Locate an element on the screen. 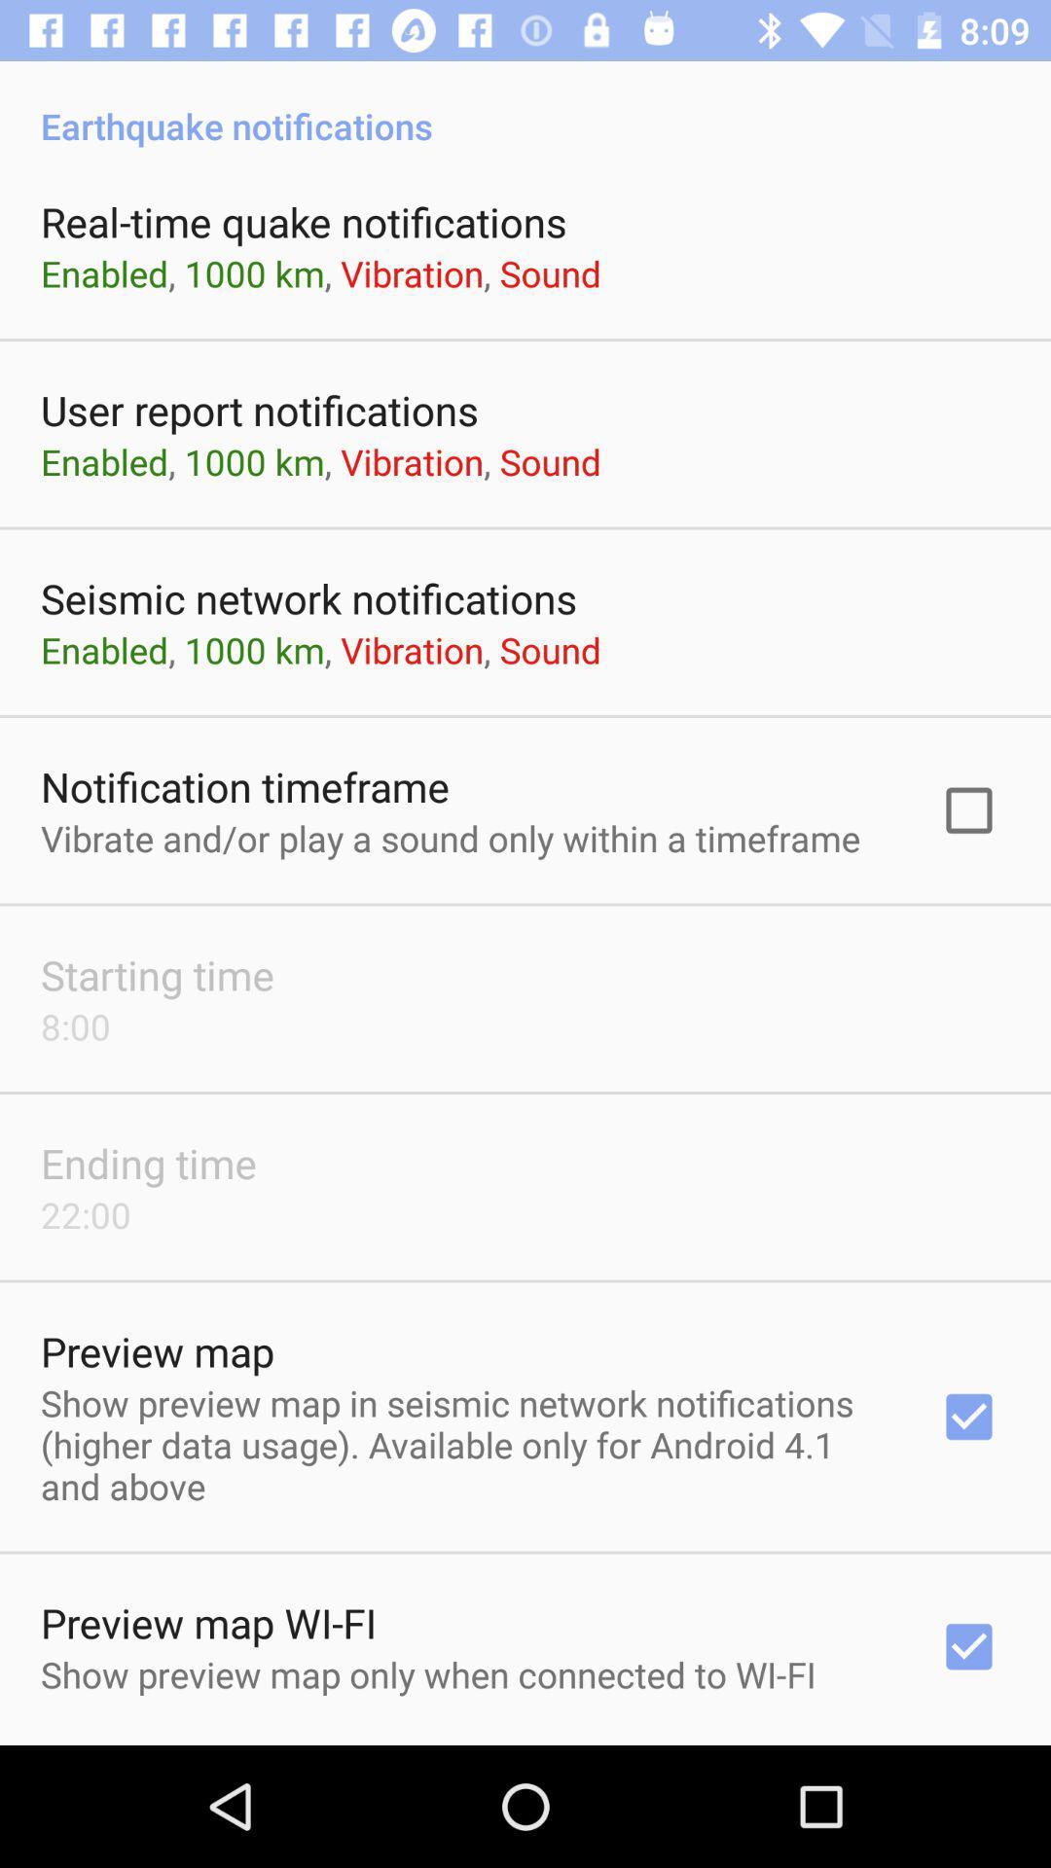  app above the enabled 1000 km is located at coordinates (304, 222).